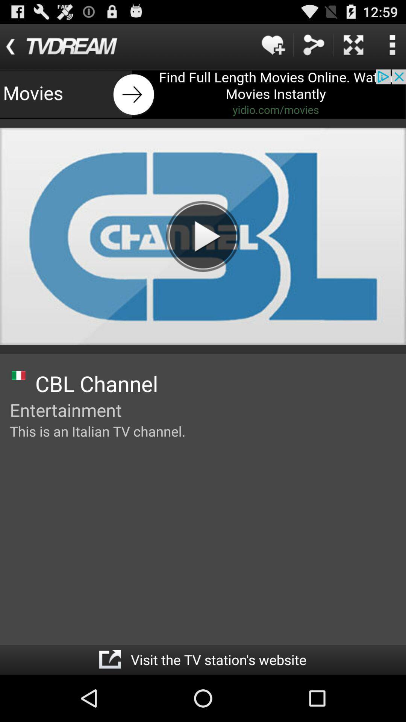 Image resolution: width=406 pixels, height=722 pixels. Describe the element at coordinates (202, 253) in the screenshot. I see `the play icon` at that location.